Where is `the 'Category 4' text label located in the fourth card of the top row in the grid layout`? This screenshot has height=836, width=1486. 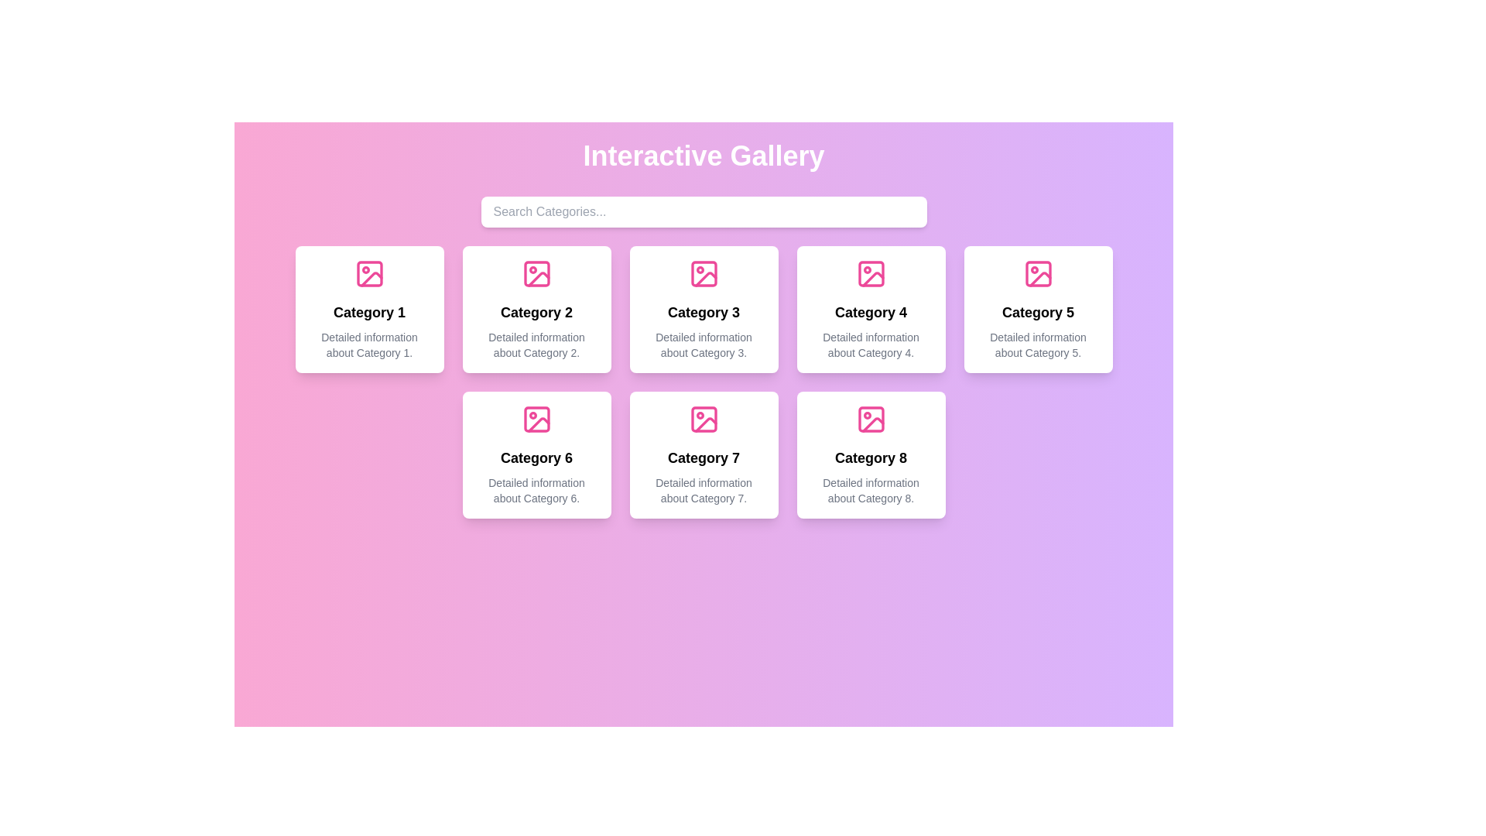
the 'Category 4' text label located in the fourth card of the top row in the grid layout is located at coordinates (871, 313).